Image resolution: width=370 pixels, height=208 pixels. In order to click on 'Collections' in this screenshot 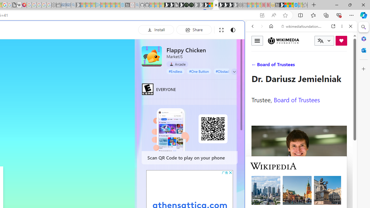, I will do `click(326, 15)`.